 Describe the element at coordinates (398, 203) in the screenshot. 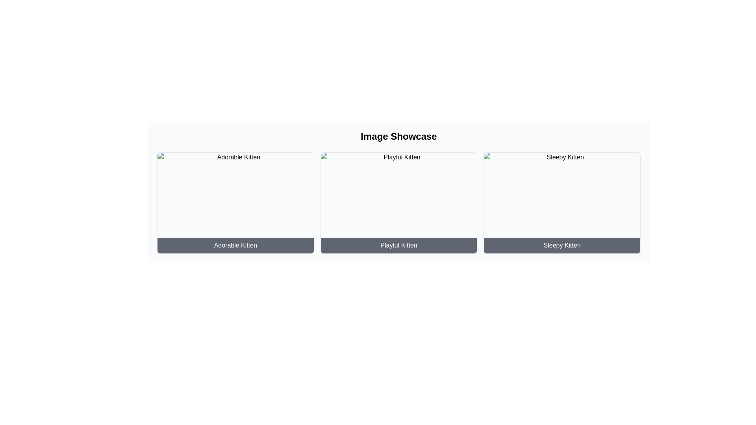

I see `the 'Playful Kitten' display card, which is the second item in a grid layout of three images` at that location.